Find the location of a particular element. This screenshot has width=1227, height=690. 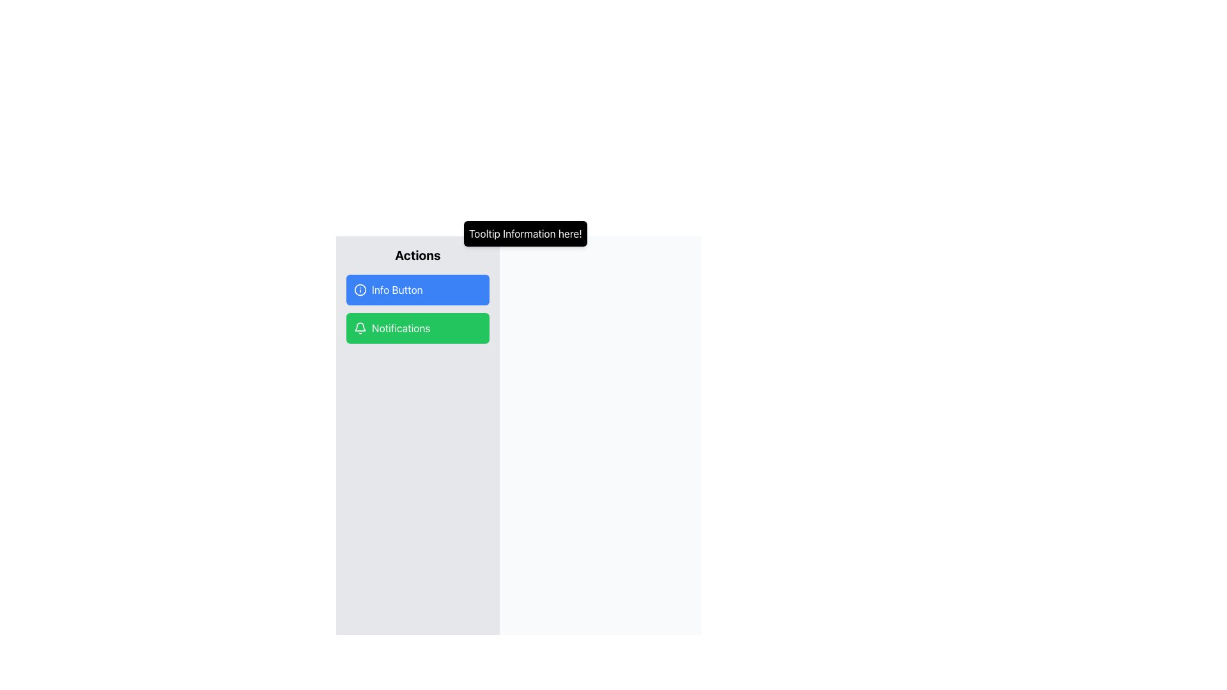

the notifications button located in the left vertical section labeled 'Actions', which is positioned below the 'Info Button' and is the second button in the list is located at coordinates (417, 327).